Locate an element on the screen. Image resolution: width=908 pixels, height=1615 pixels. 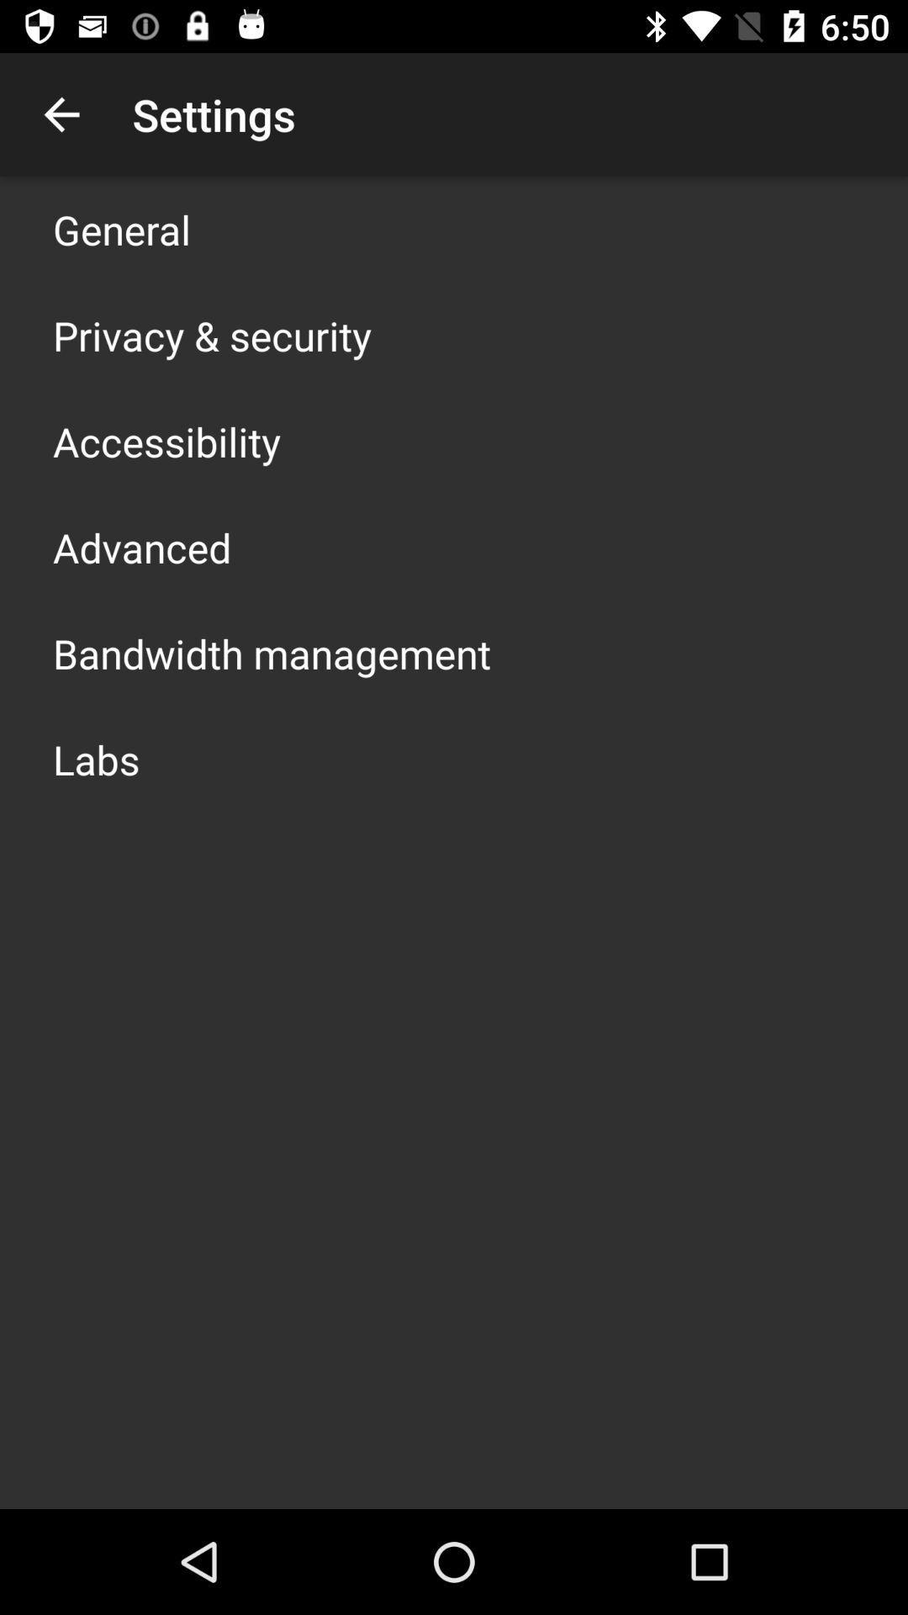
labs icon is located at coordinates (96, 758).